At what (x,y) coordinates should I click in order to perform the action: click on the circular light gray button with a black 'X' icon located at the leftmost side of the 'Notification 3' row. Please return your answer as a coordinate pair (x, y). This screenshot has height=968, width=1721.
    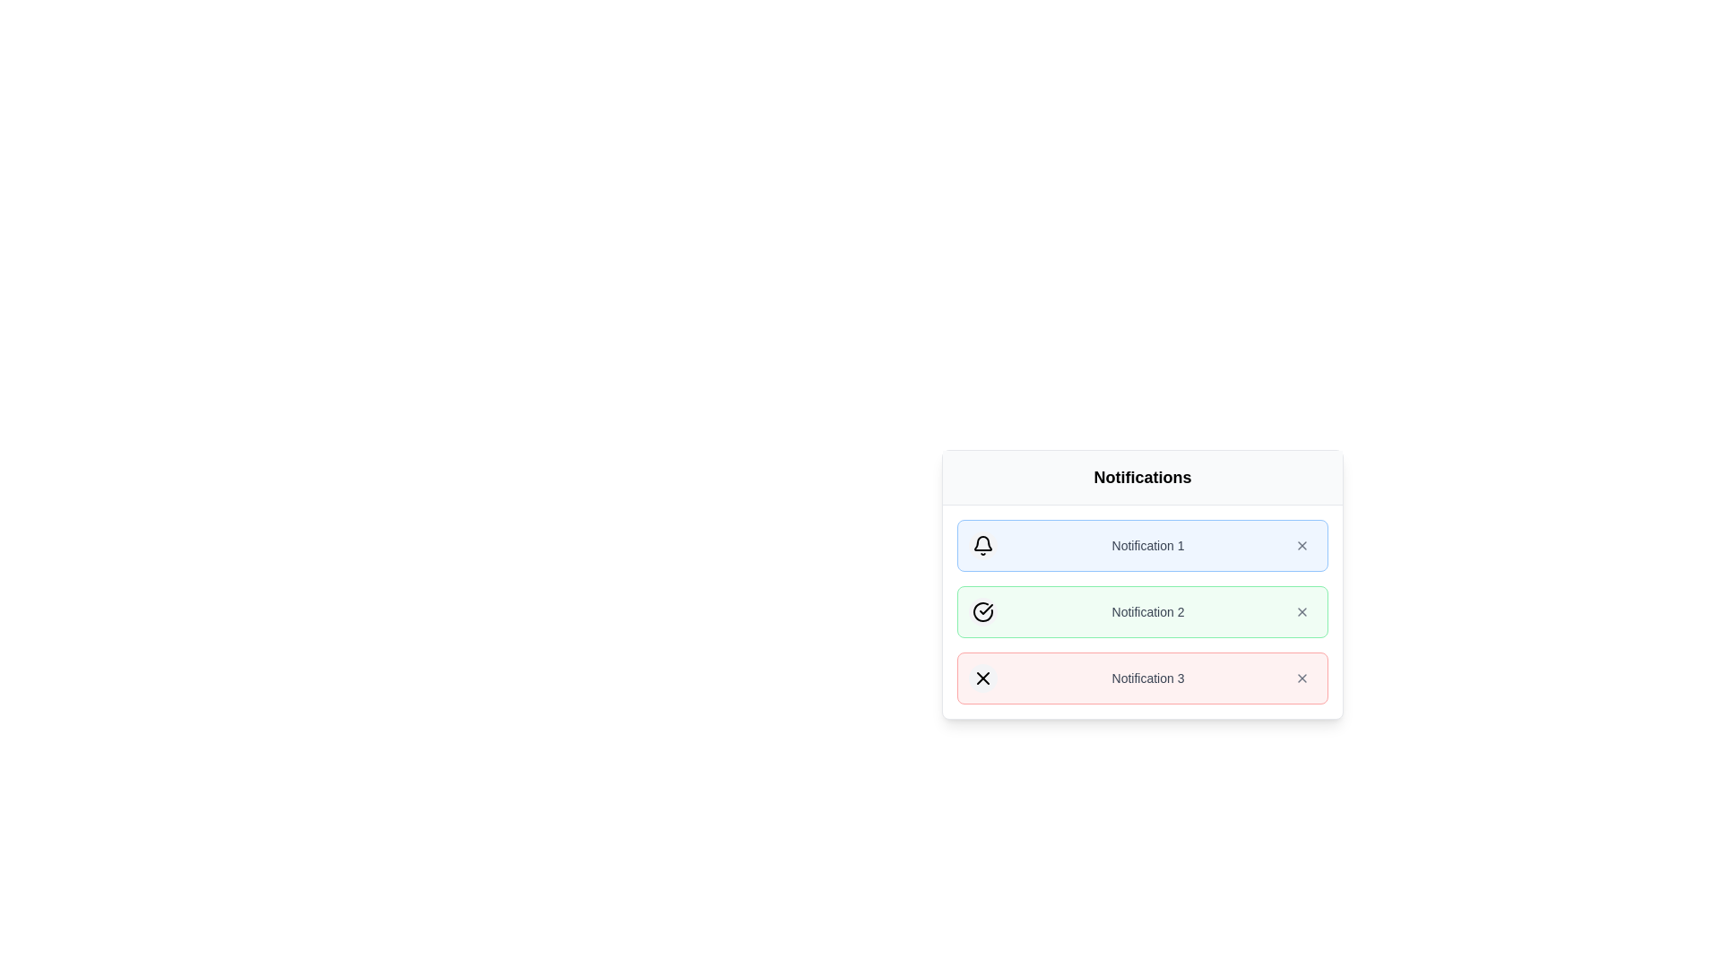
    Looking at the image, I should click on (982, 678).